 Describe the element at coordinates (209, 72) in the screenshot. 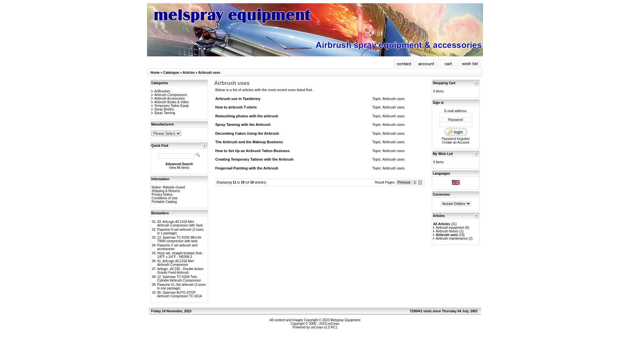

I see `'Airbrush uses'` at that location.